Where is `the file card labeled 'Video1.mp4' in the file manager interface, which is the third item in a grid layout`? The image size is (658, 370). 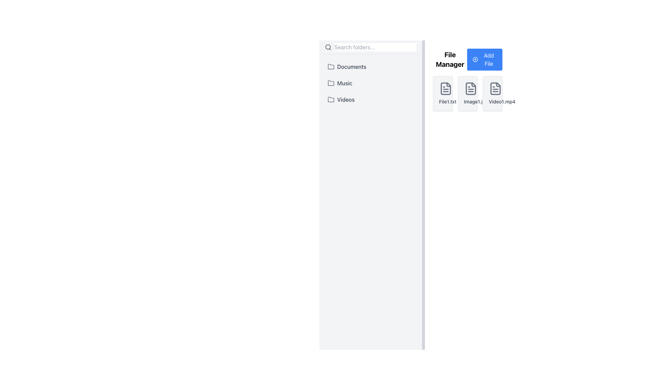
the file card labeled 'Video1.mp4' in the file manager interface, which is the third item in a grid layout is located at coordinates (492, 94).